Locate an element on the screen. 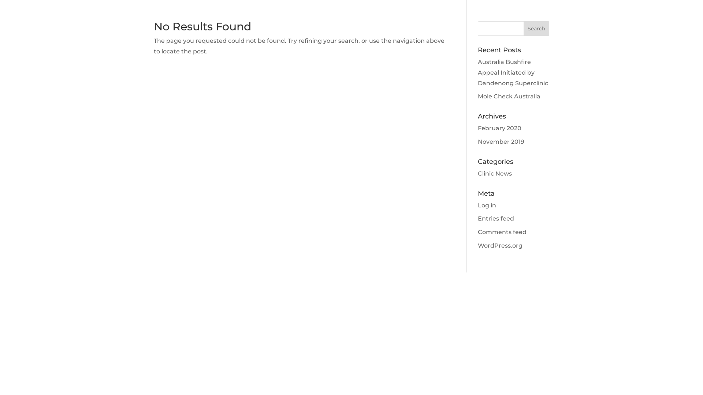 The image size is (703, 395). 'WordPress.org' is located at coordinates (500, 245).